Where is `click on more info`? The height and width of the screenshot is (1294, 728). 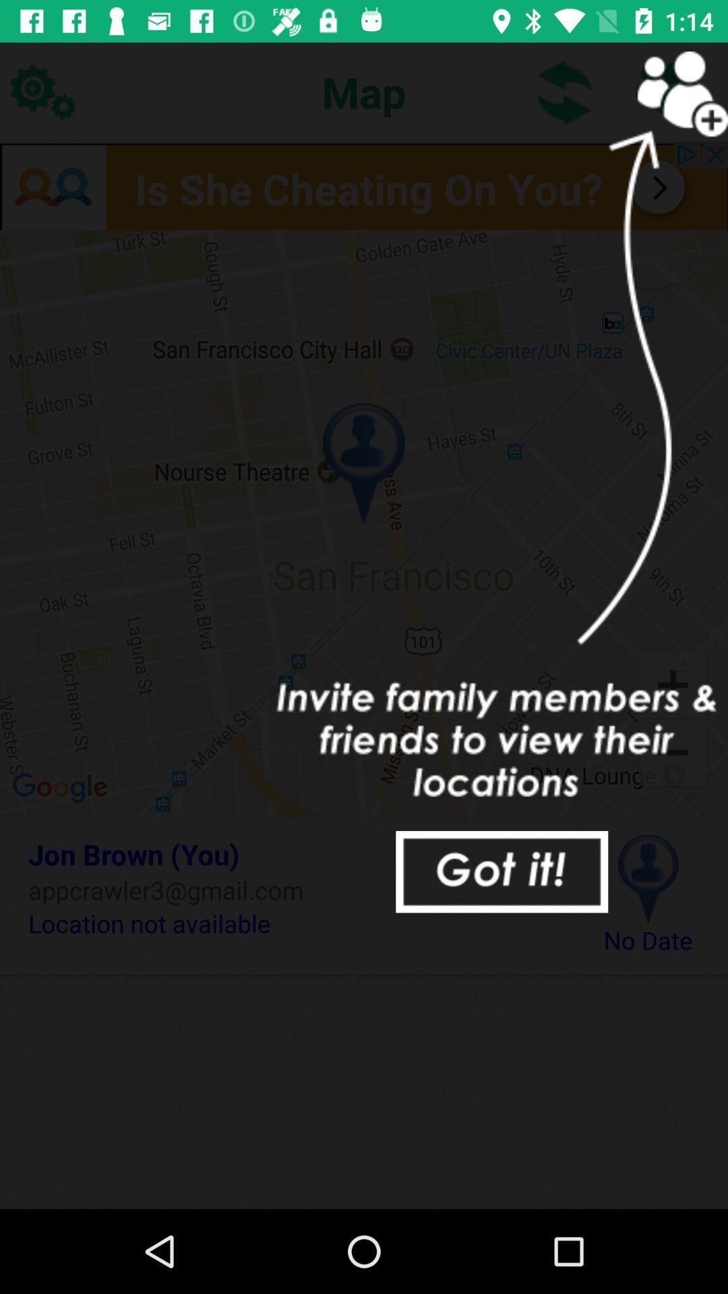 click on more info is located at coordinates (364, 185).